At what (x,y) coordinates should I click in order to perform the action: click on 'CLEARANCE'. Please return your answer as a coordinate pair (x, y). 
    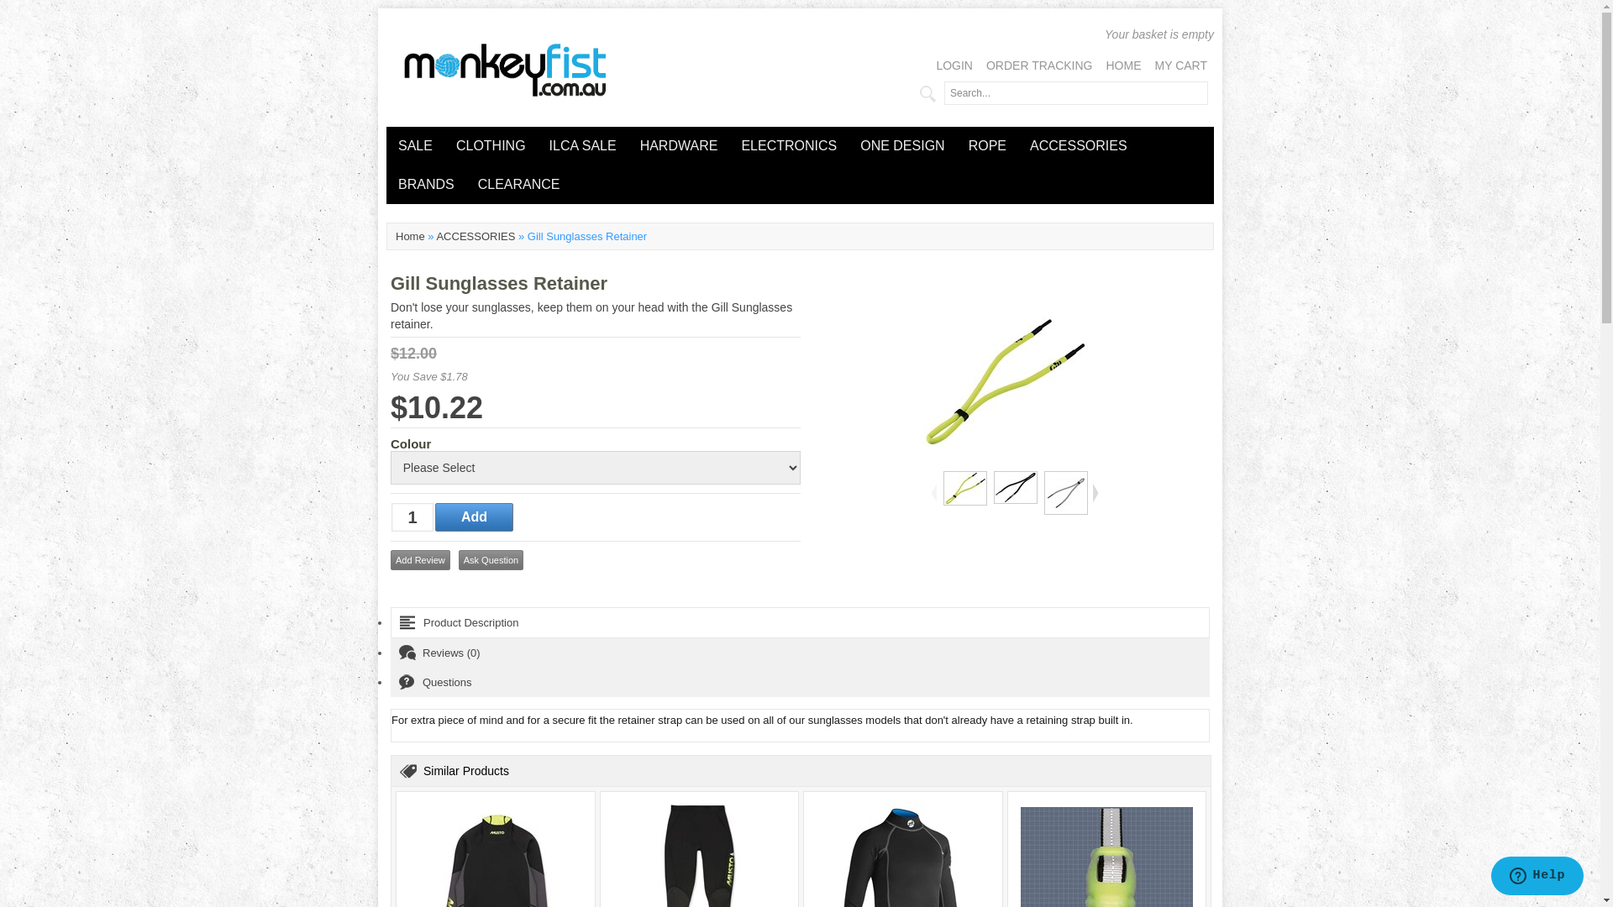
    Looking at the image, I should click on (518, 184).